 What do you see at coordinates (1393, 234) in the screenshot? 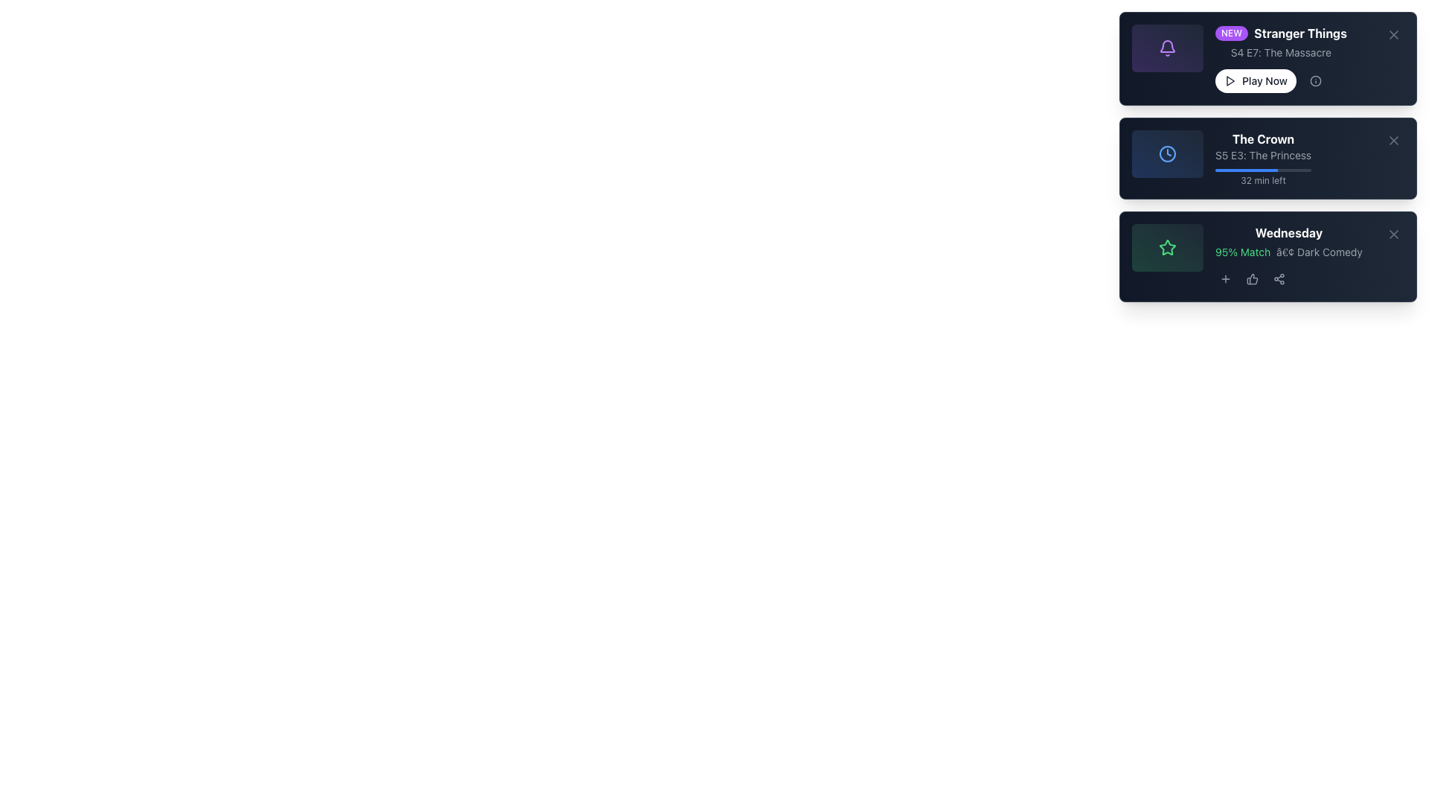
I see `the close icon located at the top-right corner of the 'Wednesday' card` at bounding box center [1393, 234].